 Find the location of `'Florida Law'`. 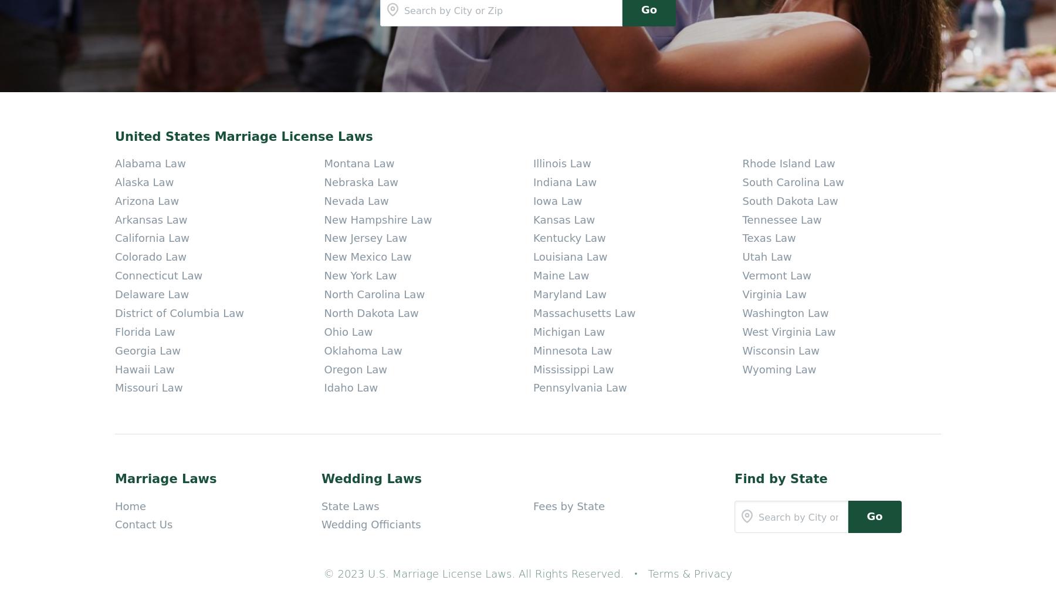

'Florida Law' is located at coordinates (144, 60).